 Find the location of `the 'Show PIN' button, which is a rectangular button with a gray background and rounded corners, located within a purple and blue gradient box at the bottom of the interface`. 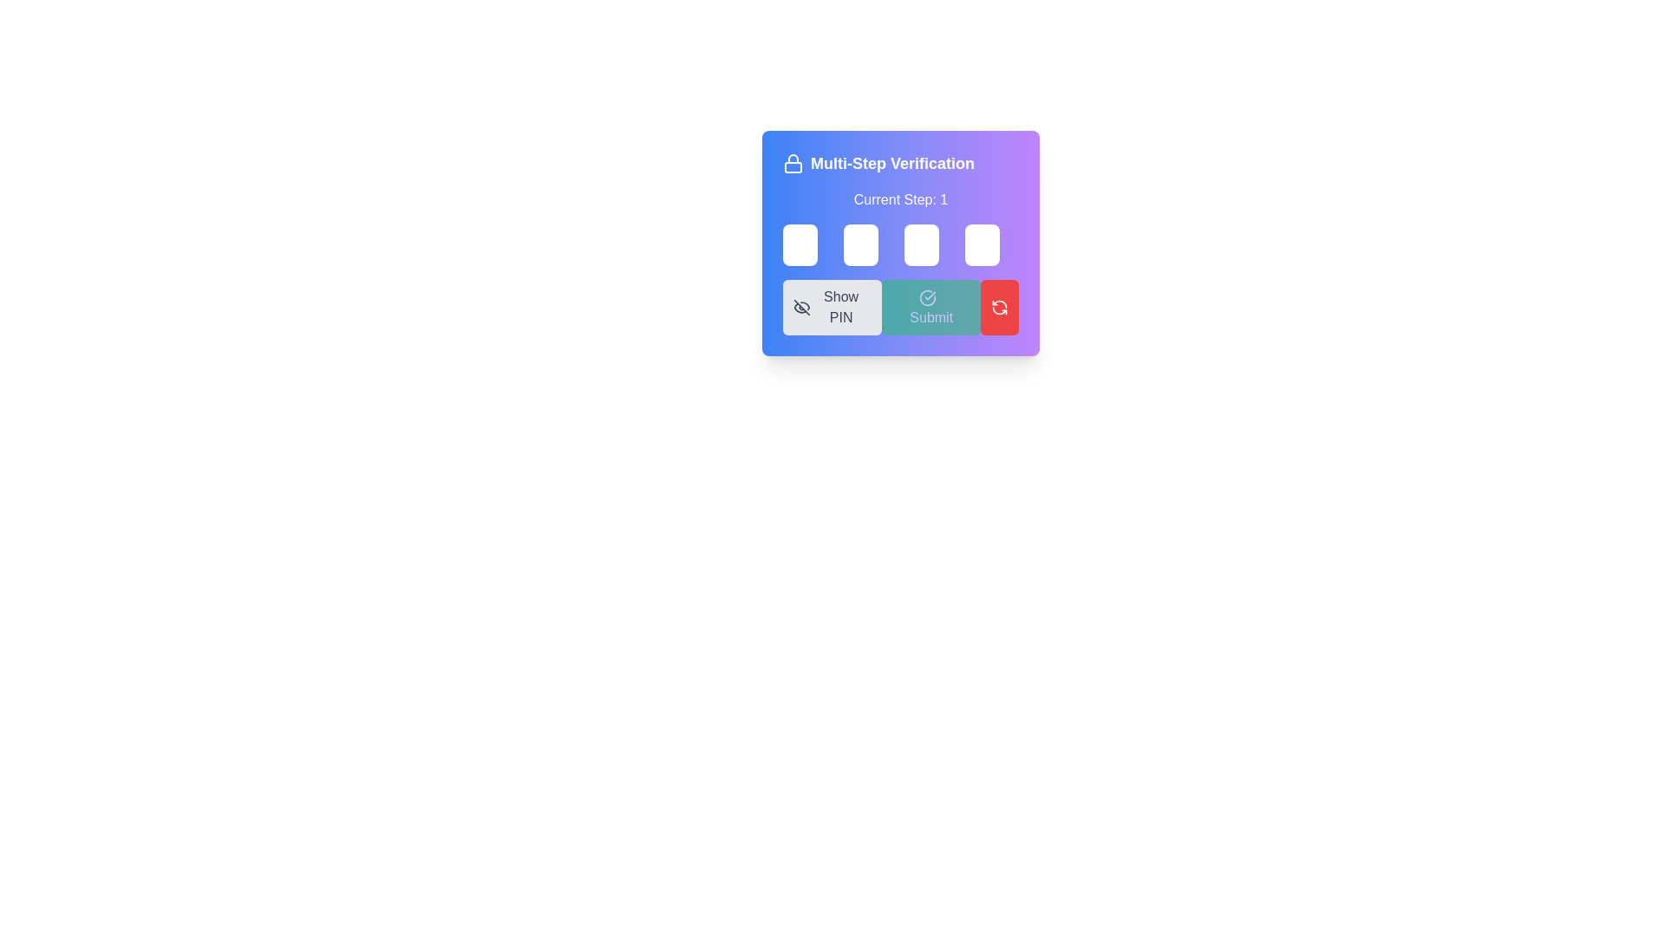

the 'Show PIN' button, which is a rectangular button with a gray background and rounded corners, located within a purple and blue gradient box at the bottom of the interface is located at coordinates (832, 306).